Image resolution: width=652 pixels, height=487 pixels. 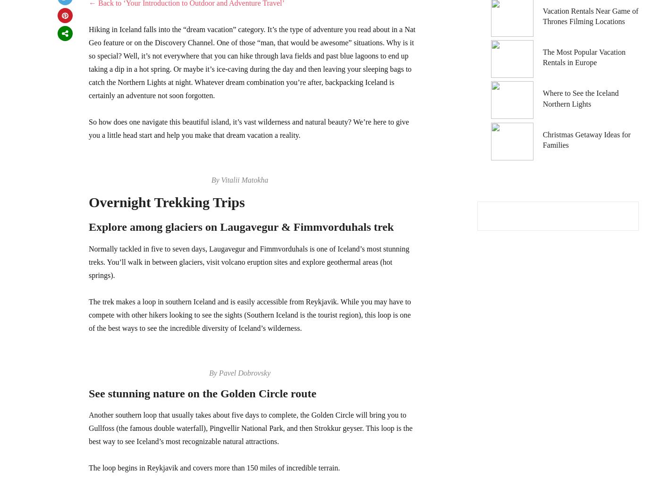 What do you see at coordinates (166, 202) in the screenshot?
I see `'Overnight Trekking Trips'` at bounding box center [166, 202].